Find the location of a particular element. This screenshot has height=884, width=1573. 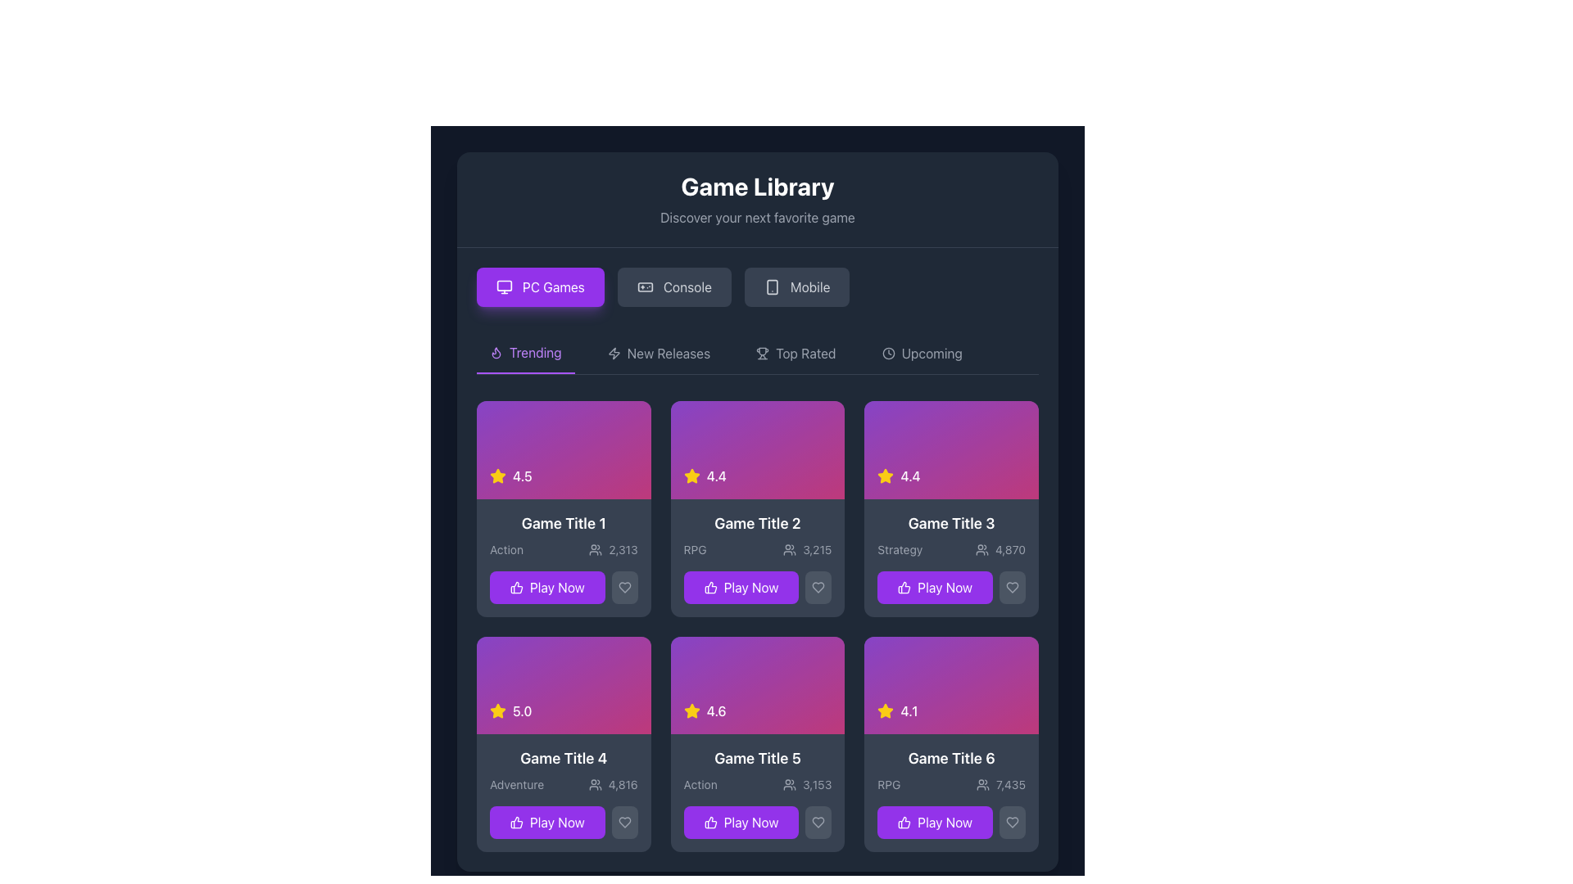

the favorite icon located at the bottom right corner of the card for 'Game Title 4', just below the 'Play Now' button is located at coordinates (623, 823).